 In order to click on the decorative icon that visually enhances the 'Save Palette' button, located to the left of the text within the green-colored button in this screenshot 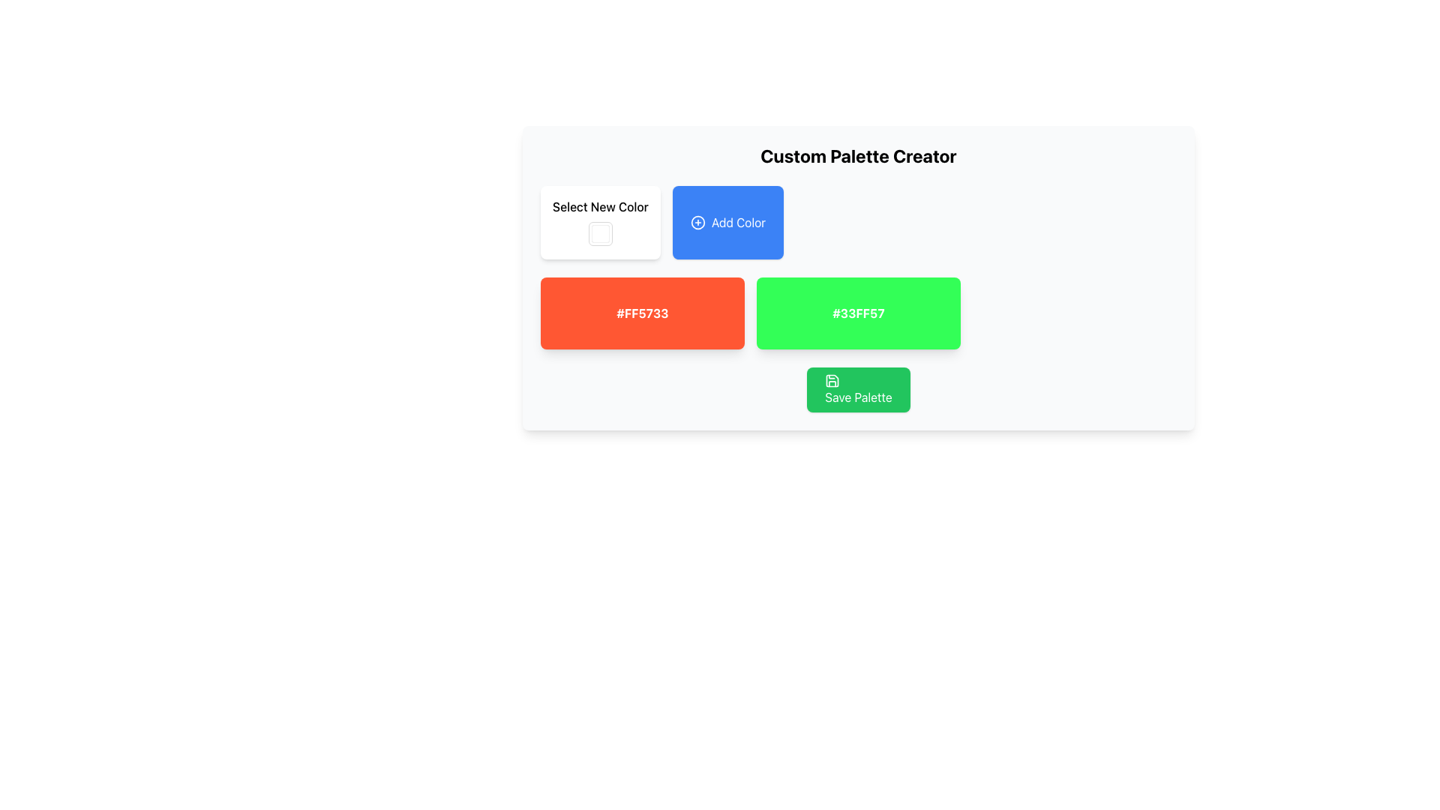, I will do `click(832, 380)`.